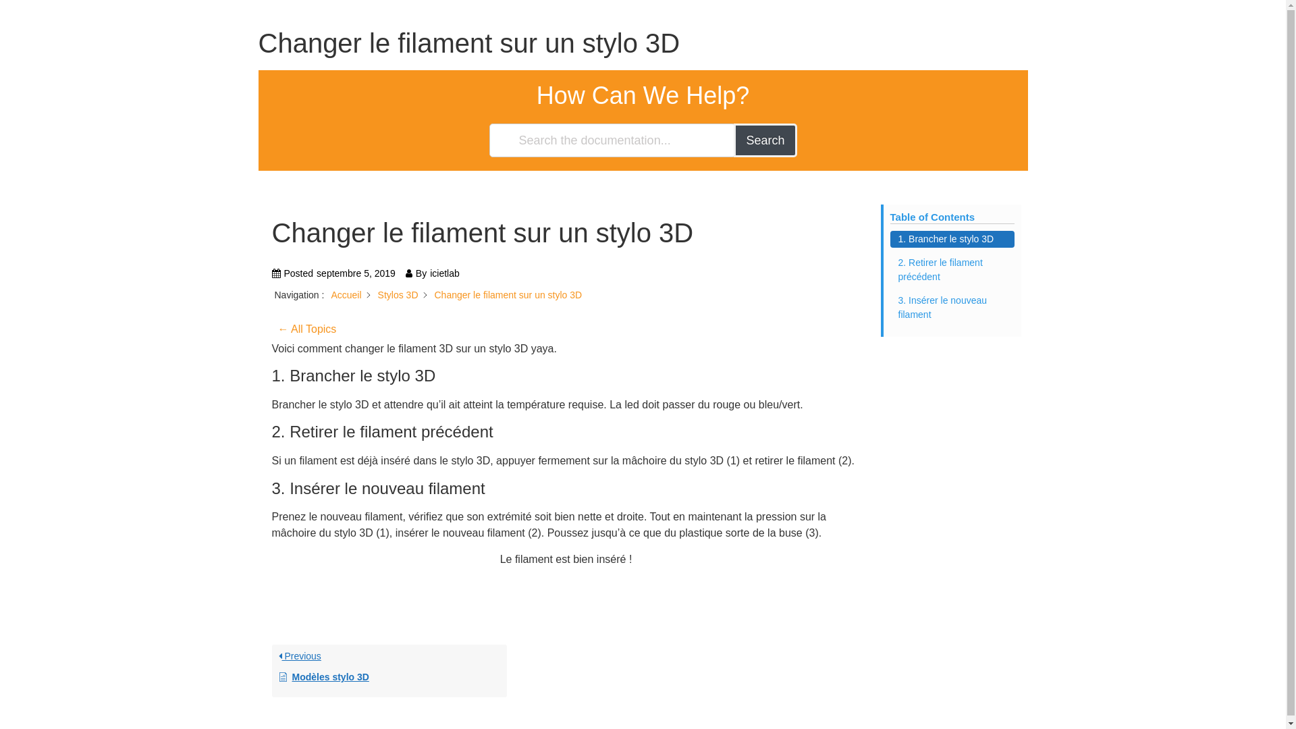 The image size is (1296, 729). Describe the element at coordinates (890, 238) in the screenshot. I see `'1. Brancher le stylo 3D'` at that location.